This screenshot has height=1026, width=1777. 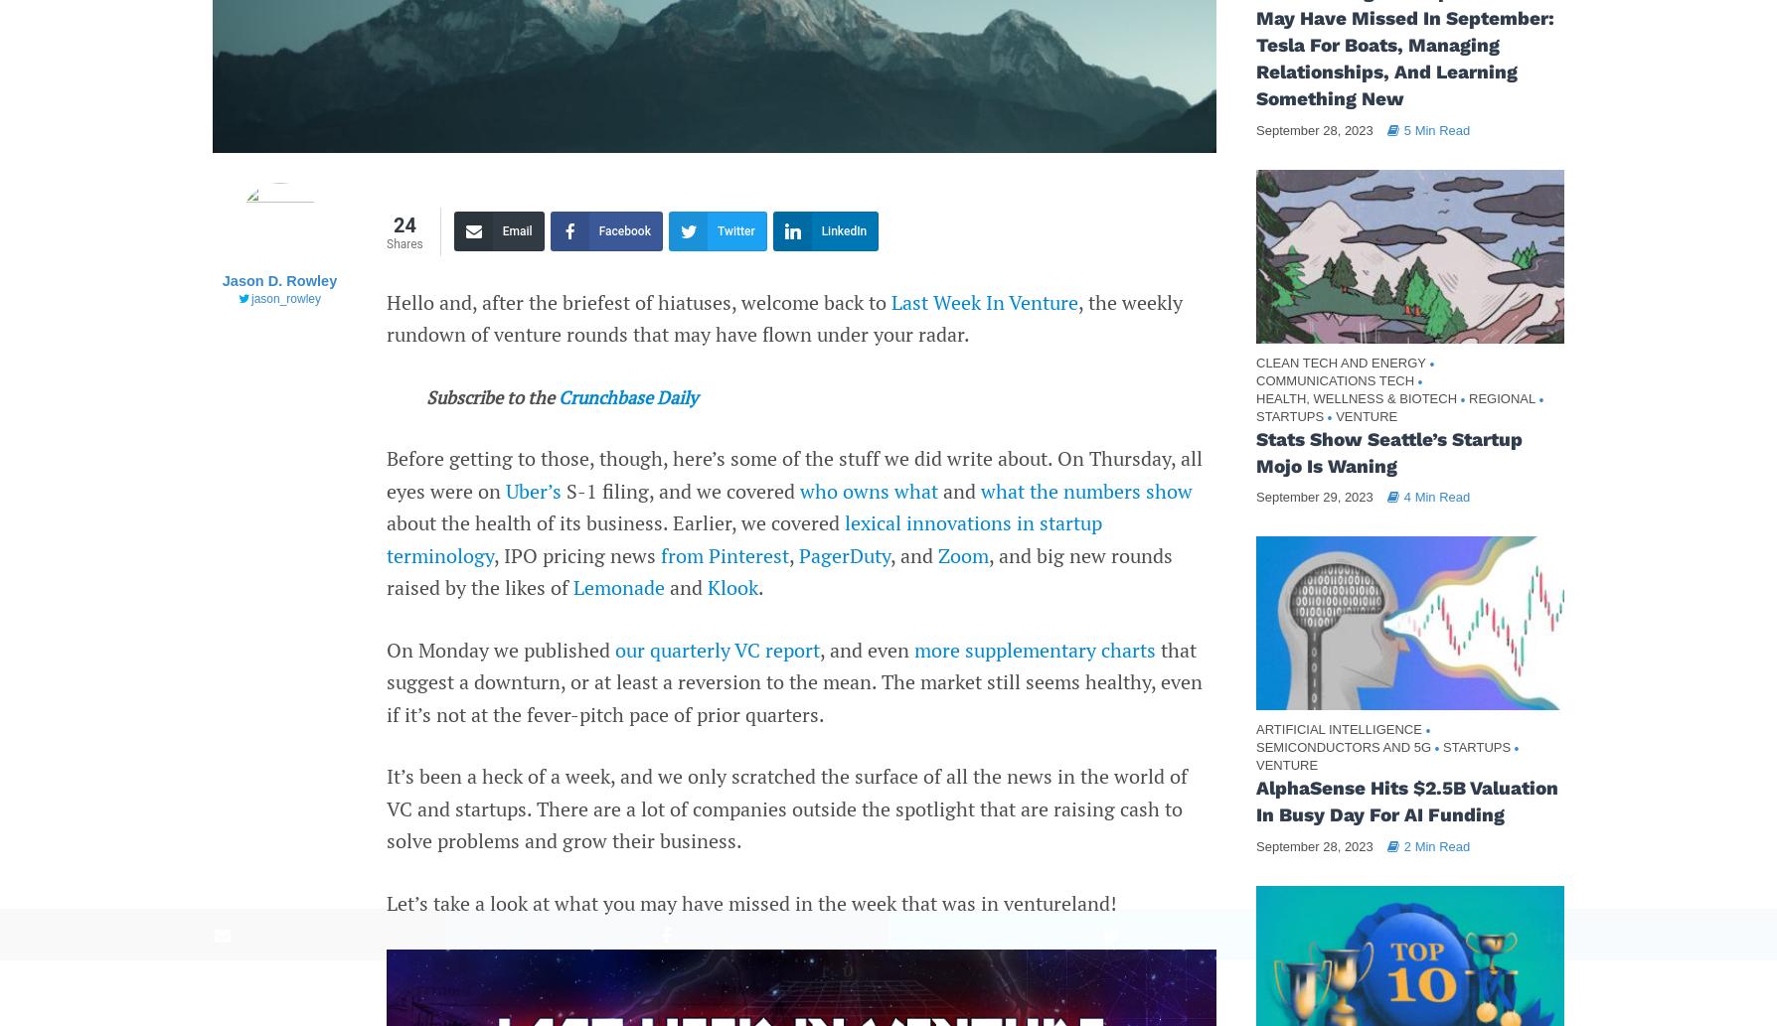 I want to click on 'from Pinterest', so click(x=724, y=553).